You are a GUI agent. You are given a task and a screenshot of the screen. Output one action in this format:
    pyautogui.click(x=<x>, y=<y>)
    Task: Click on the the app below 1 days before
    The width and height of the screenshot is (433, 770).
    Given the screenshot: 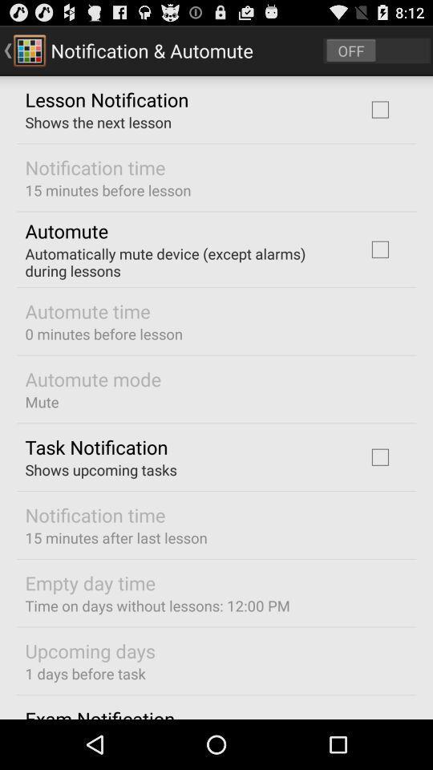 What is the action you would take?
    pyautogui.click(x=99, y=711)
    